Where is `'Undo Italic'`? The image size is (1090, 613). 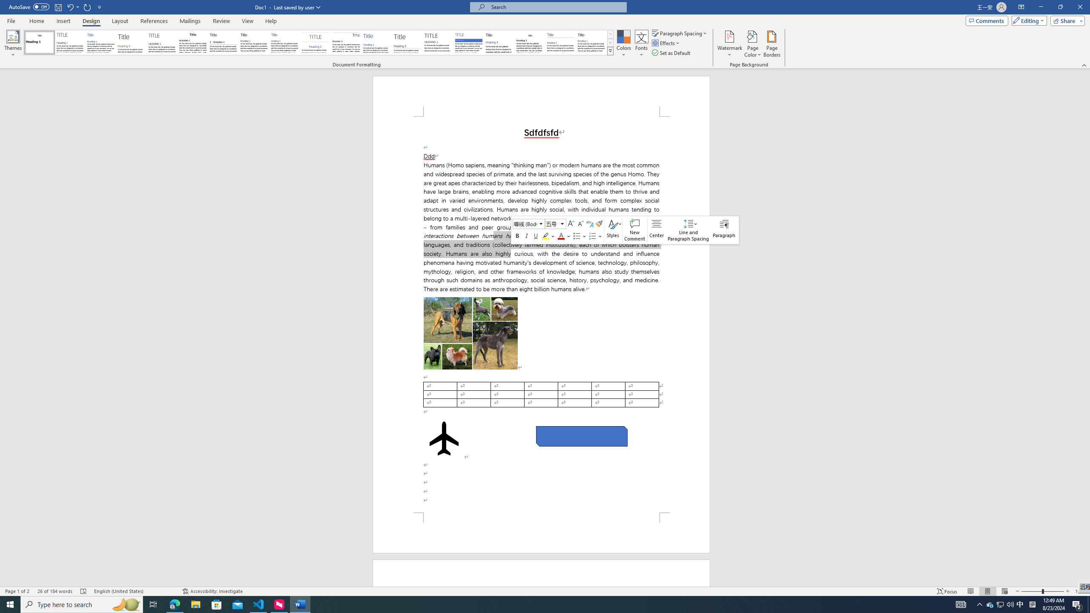
'Undo Italic' is located at coordinates (72, 6).